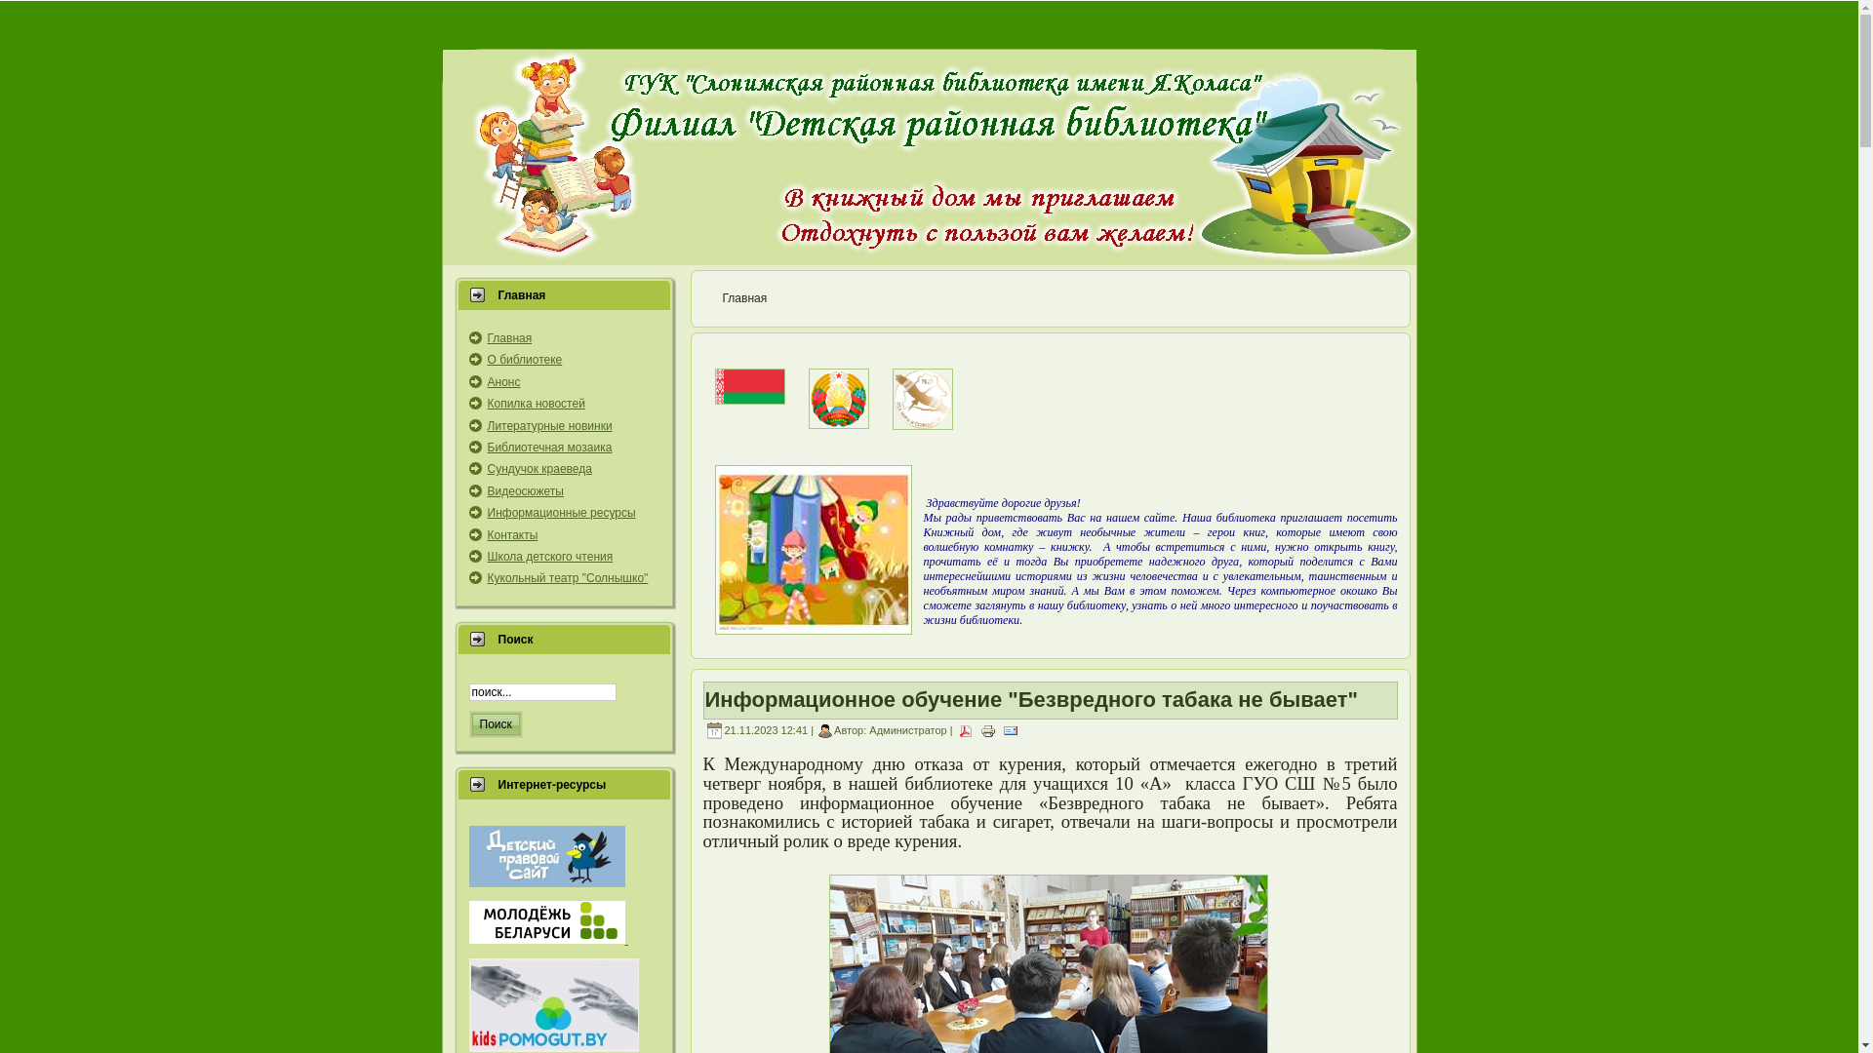 This screenshot has height=1053, width=1873. I want to click on 'E-mail', so click(1011, 729).